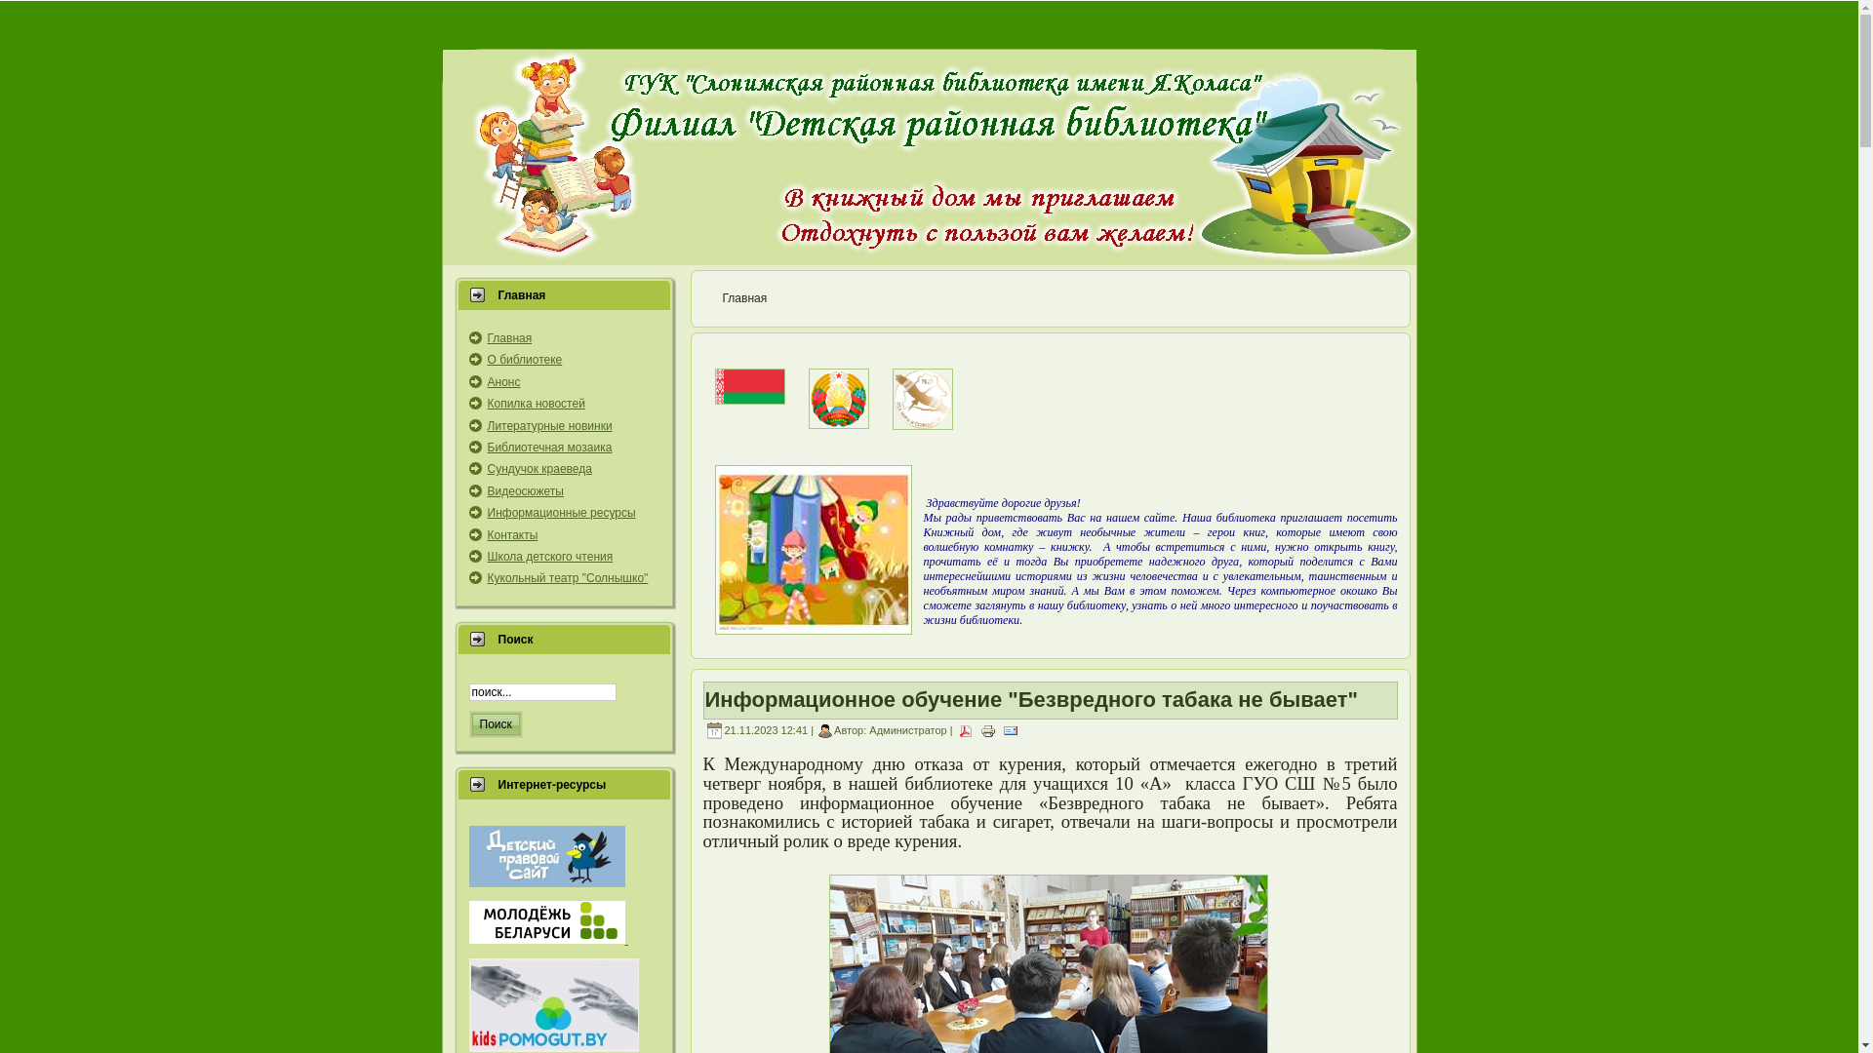 This screenshot has height=1053, width=1873. I want to click on 'E-mail', so click(1011, 729).